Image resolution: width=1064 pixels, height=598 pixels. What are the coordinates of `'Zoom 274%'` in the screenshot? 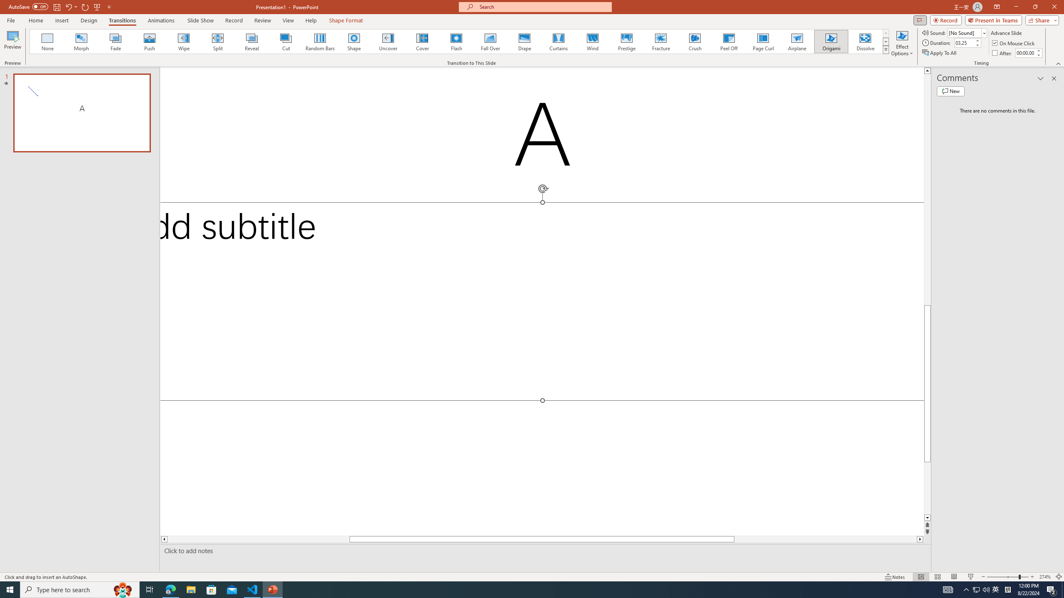 It's located at (1045, 577).